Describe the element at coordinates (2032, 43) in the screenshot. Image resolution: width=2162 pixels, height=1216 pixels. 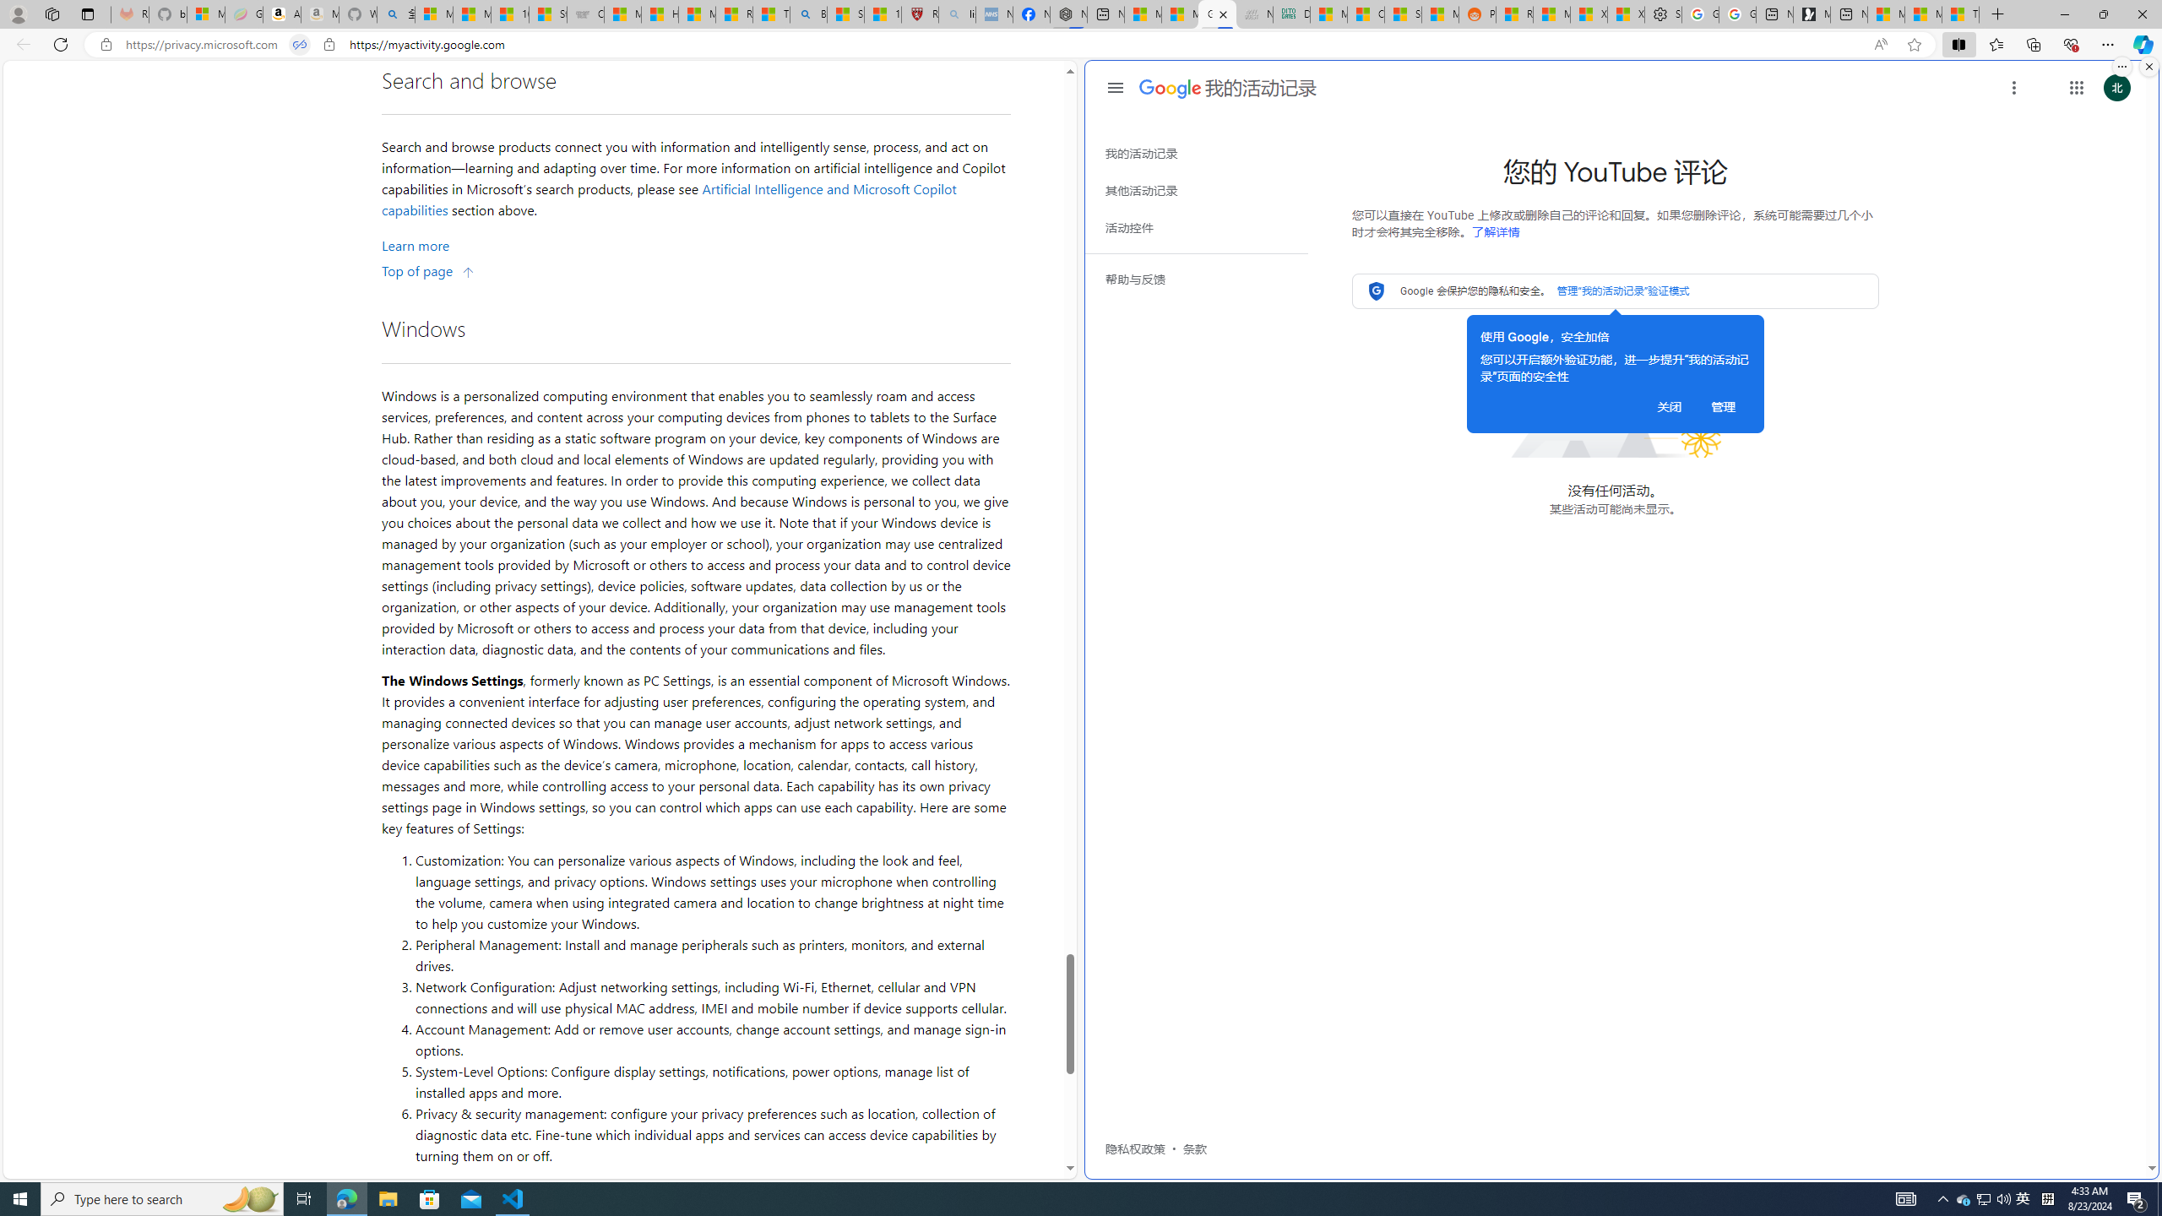
I see `'Collections'` at that location.